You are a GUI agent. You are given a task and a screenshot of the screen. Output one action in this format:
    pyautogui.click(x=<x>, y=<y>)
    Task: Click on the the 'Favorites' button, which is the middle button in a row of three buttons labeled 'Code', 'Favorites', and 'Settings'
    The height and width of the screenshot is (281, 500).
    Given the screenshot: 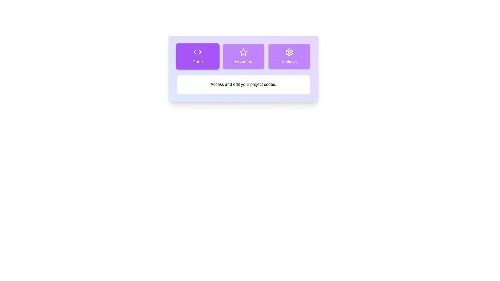 What is the action you would take?
    pyautogui.click(x=243, y=56)
    